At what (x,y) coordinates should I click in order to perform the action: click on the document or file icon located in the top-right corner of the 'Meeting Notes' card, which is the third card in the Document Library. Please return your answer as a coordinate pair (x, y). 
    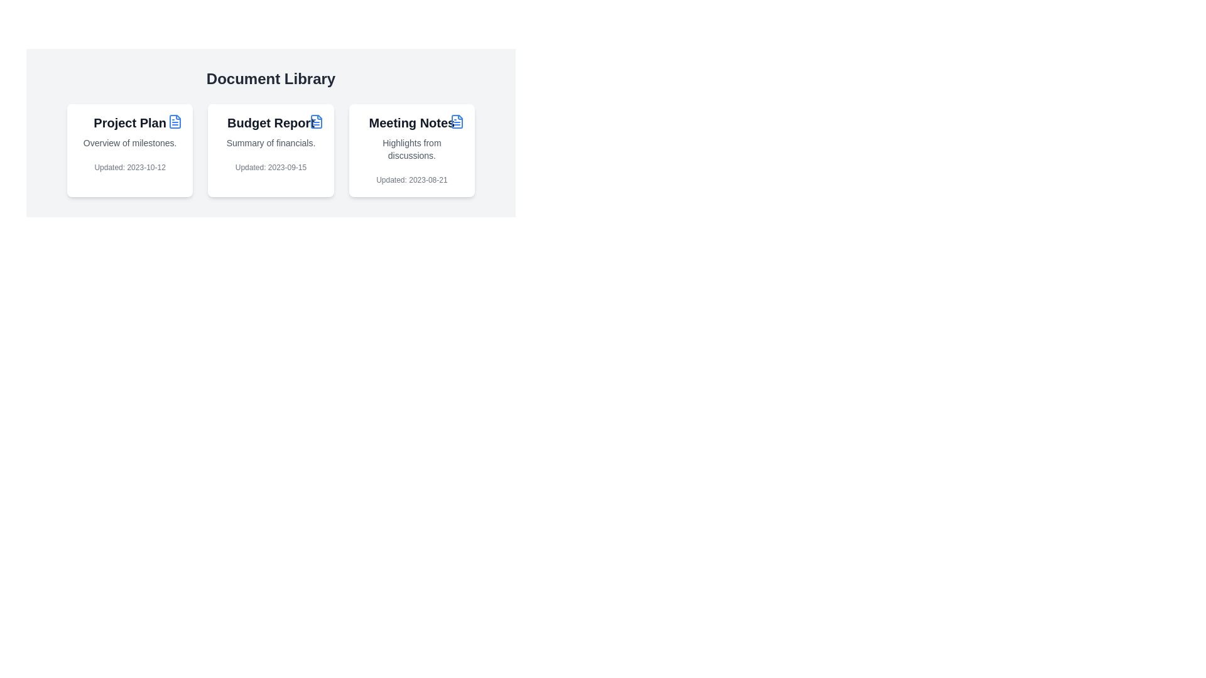
    Looking at the image, I should click on (457, 121).